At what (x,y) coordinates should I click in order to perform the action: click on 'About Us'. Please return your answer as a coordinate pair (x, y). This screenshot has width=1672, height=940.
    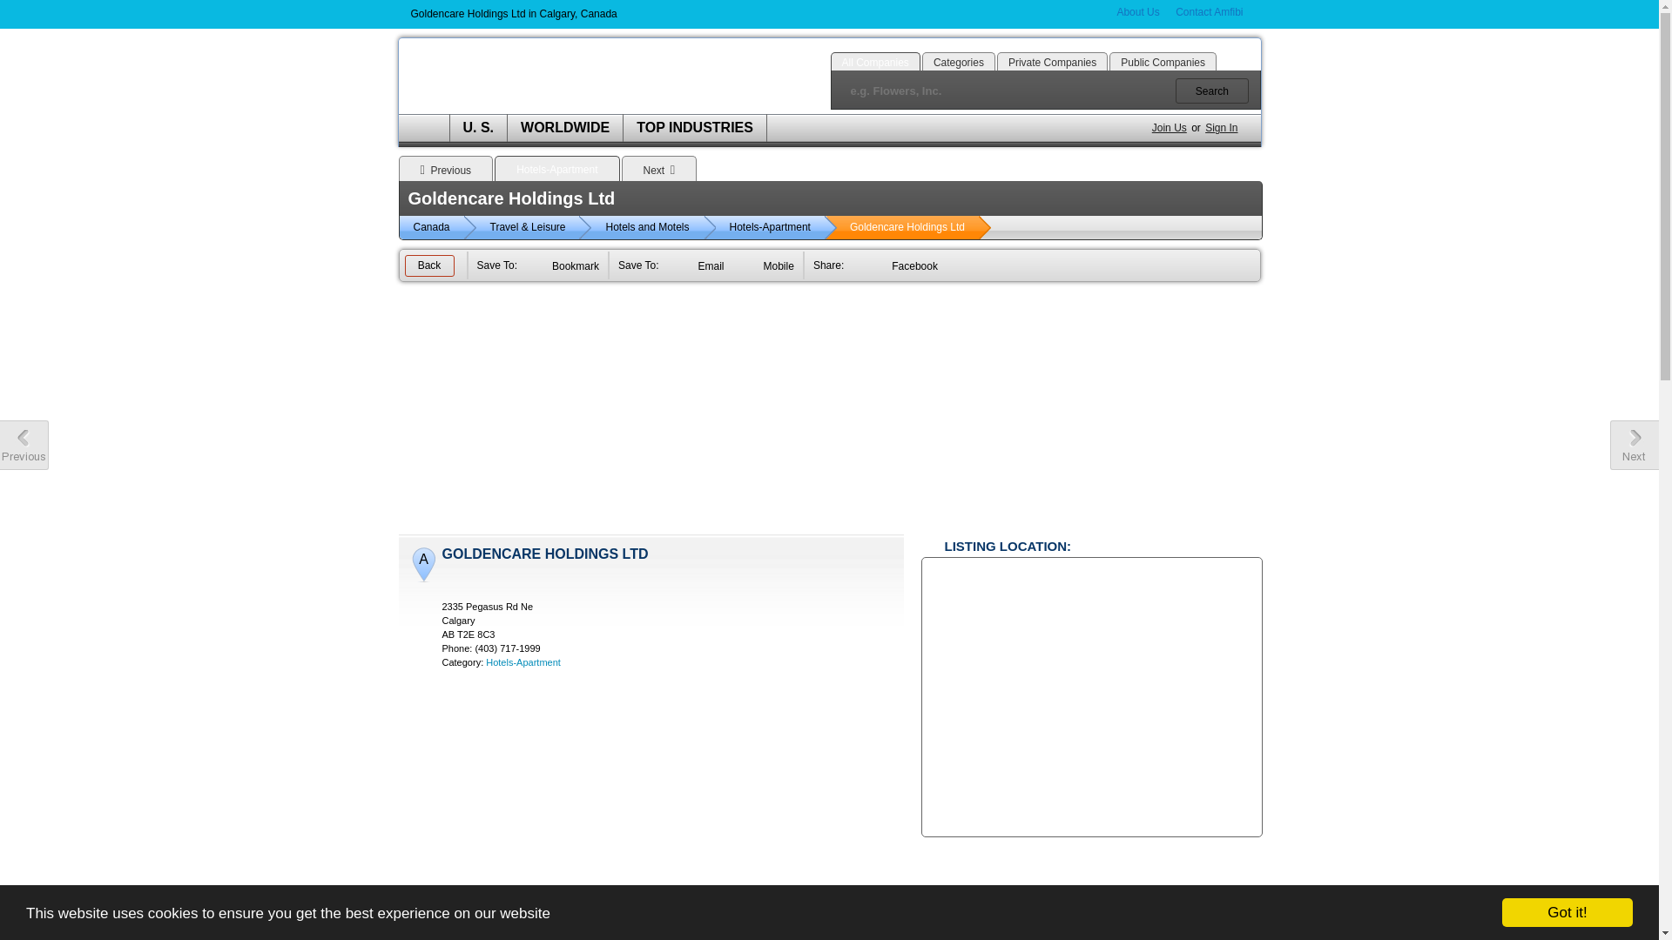
    Looking at the image, I should click on (1136, 12).